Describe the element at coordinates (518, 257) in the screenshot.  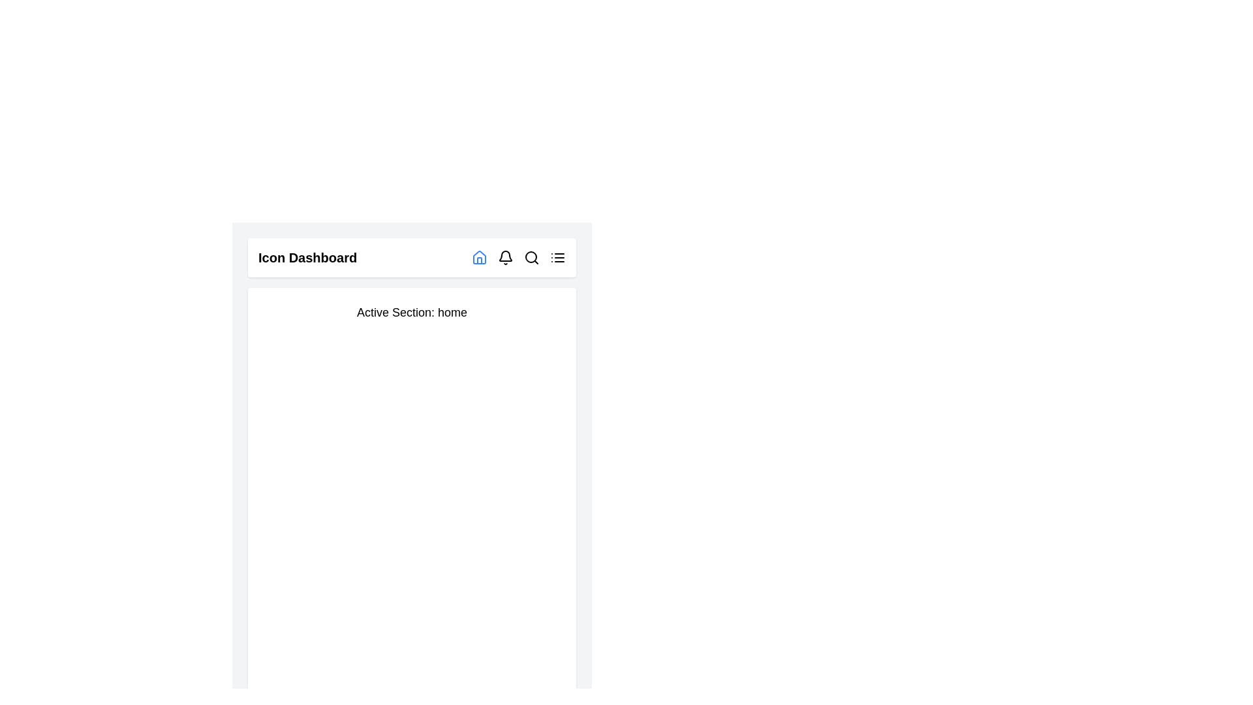
I see `the icon group located on the right side of the dashboard header labeled 'Icon Dashboard'` at that location.